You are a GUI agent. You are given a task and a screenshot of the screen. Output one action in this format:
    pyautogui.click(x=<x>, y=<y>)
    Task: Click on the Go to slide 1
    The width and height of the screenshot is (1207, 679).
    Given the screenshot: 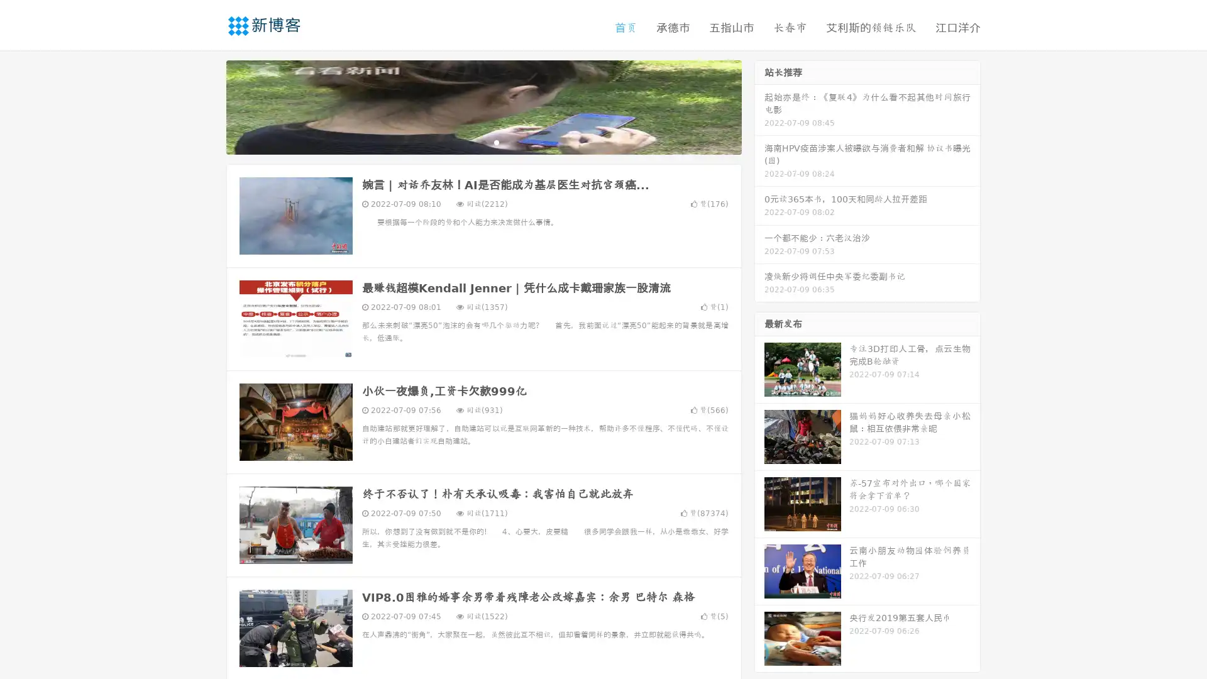 What is the action you would take?
    pyautogui.click(x=470, y=141)
    